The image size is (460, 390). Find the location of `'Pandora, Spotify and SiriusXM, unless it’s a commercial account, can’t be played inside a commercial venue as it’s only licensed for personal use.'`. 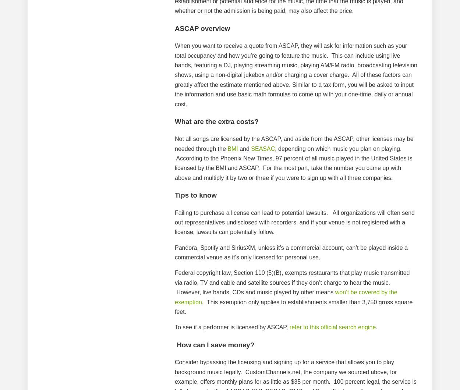

'Pandora, Spotify and SiriusXM, unless it’s a commercial account, can’t be played inside a commercial venue as it’s only licensed for personal use.' is located at coordinates (291, 252).